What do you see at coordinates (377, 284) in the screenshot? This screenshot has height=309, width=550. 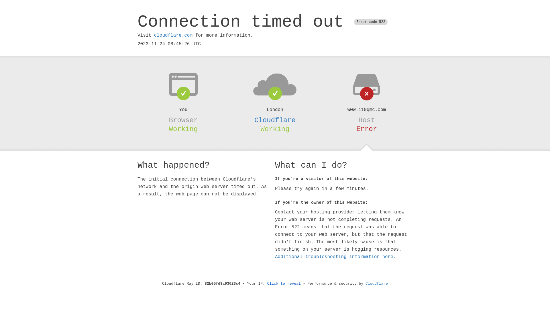 I see `'Cloudflare'` at bounding box center [377, 284].